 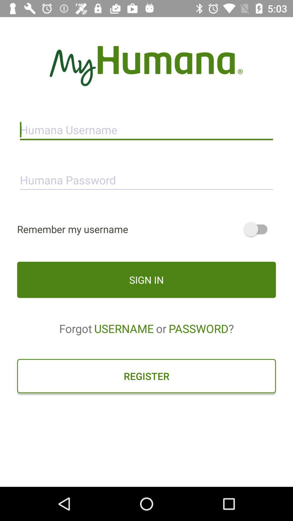 I want to click on remember my username icon, so click(x=146, y=229).